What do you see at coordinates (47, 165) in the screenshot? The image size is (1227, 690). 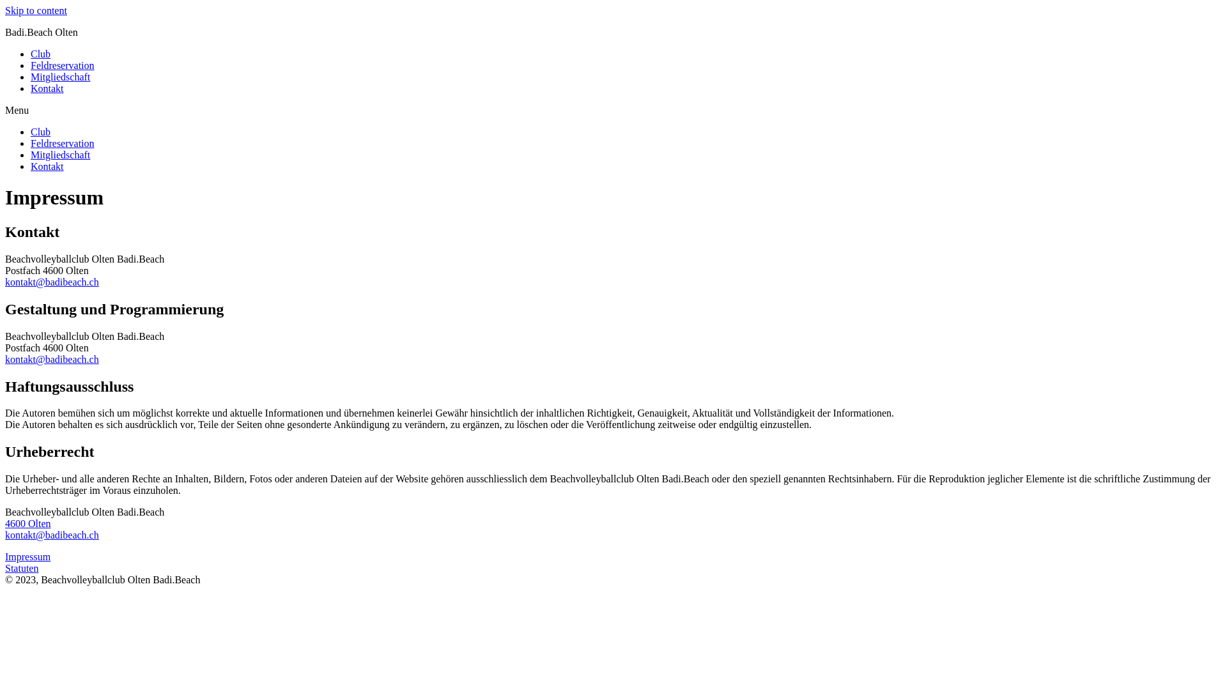 I see `'Kontakt'` at bounding box center [47, 165].